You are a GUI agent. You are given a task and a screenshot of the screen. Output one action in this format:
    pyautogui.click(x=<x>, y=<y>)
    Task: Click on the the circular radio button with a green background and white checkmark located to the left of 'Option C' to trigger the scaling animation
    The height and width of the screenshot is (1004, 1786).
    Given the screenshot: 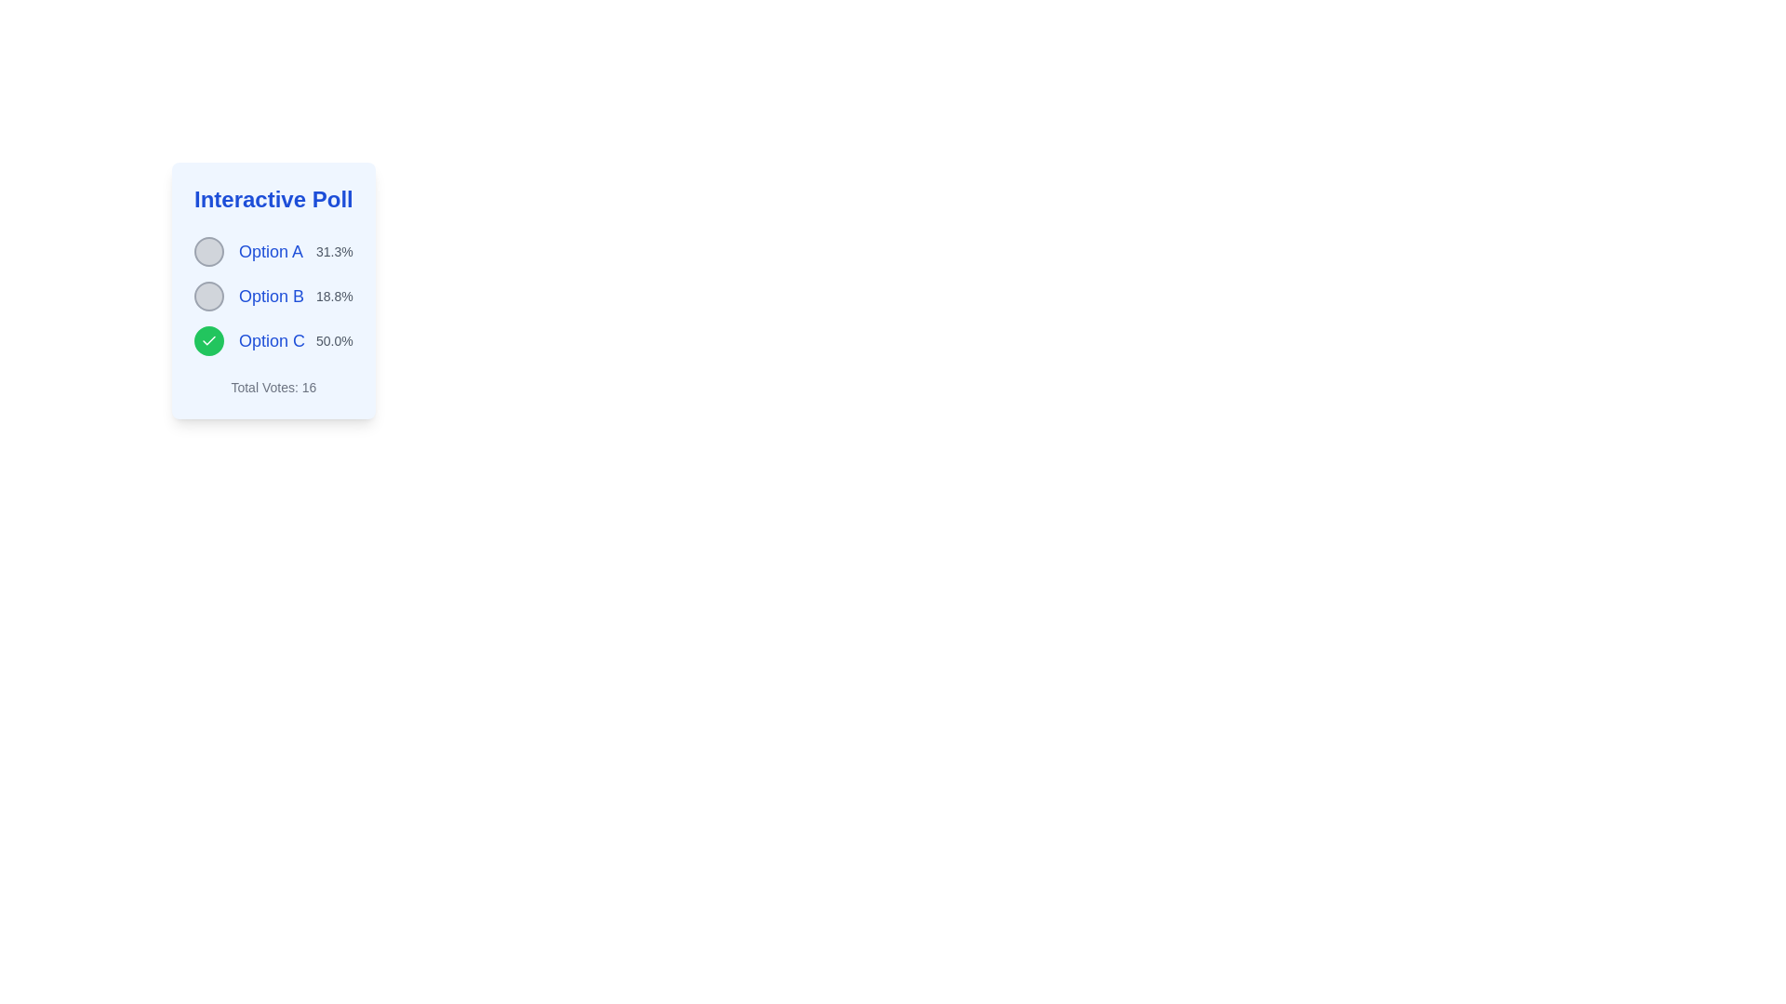 What is the action you would take?
    pyautogui.click(x=209, y=340)
    